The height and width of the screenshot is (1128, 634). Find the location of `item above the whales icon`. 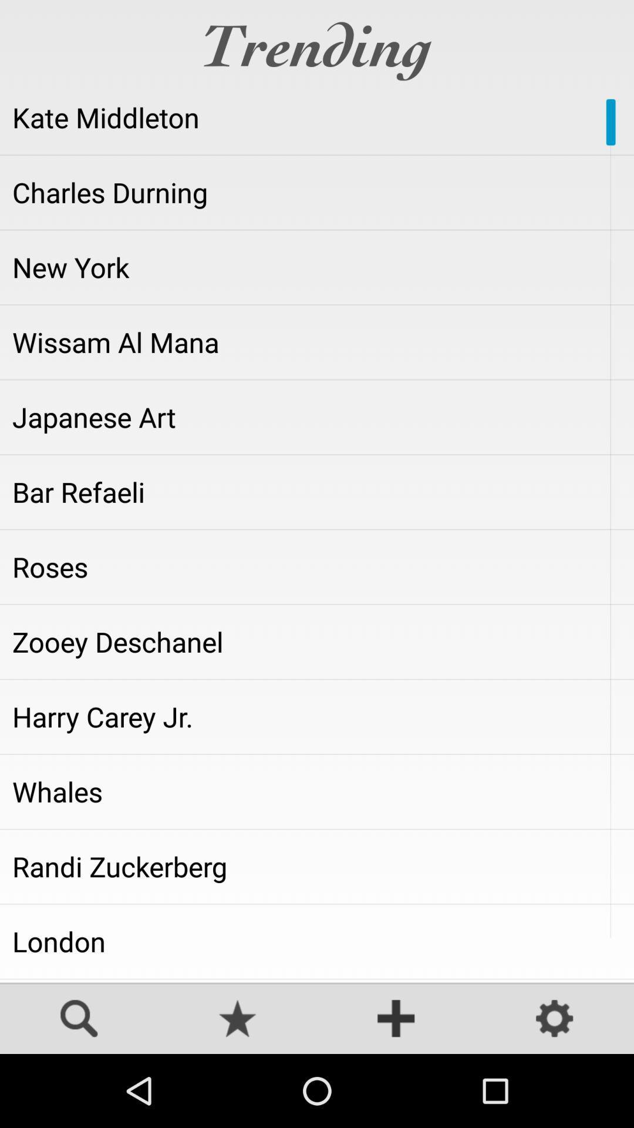

item above the whales icon is located at coordinates (317, 716).